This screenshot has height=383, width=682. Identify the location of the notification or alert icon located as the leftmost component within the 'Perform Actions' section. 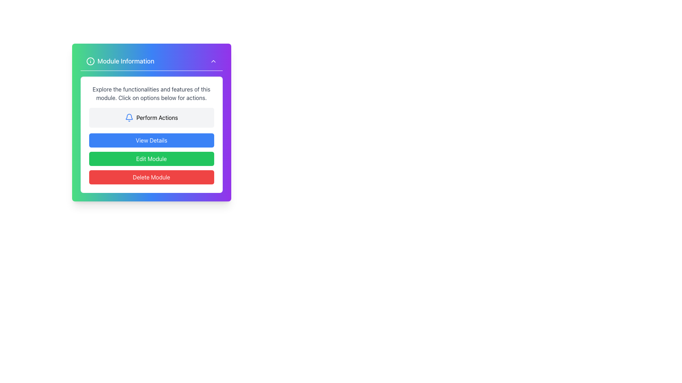
(129, 117).